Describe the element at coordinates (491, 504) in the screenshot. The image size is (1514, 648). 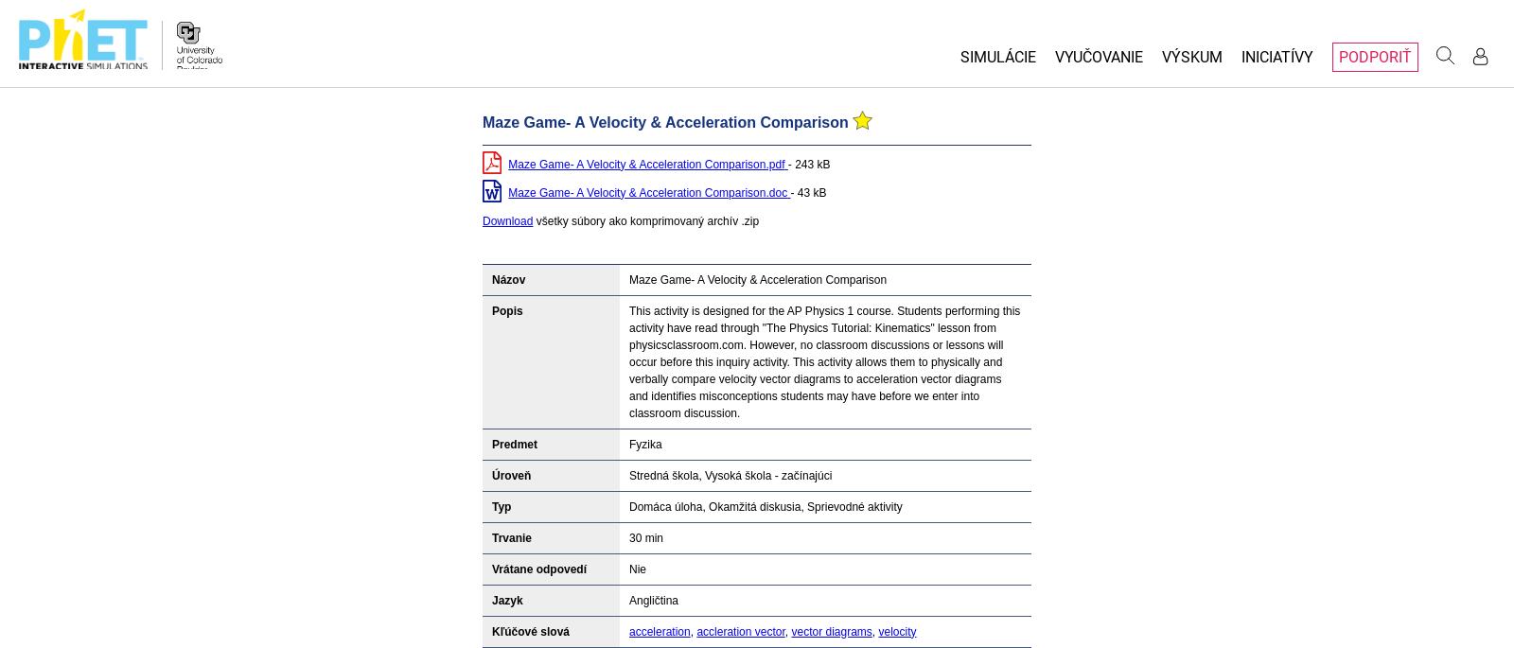
I see `'Typ'` at that location.